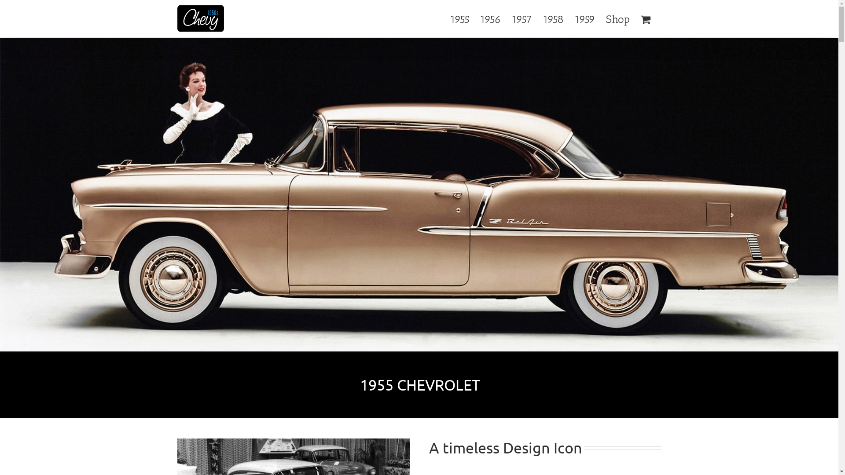  What do you see at coordinates (459, 18) in the screenshot?
I see `'1955'` at bounding box center [459, 18].